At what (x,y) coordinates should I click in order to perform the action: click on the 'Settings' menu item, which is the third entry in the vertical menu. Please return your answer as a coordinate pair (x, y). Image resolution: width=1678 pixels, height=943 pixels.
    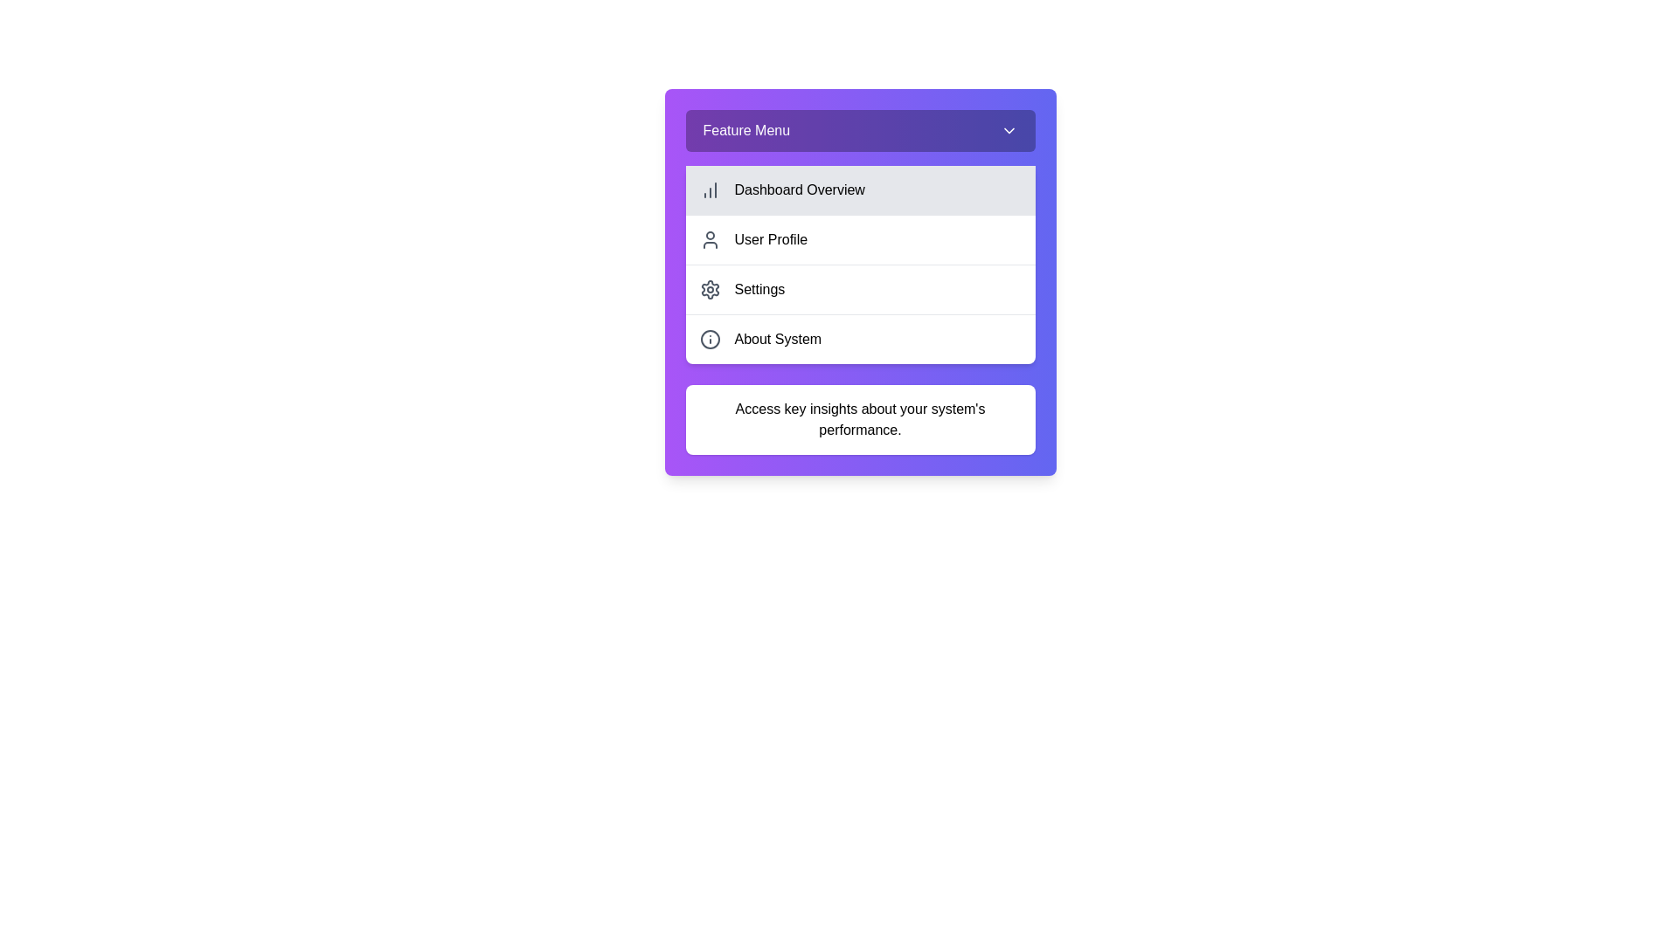
    Looking at the image, I should click on (860, 288).